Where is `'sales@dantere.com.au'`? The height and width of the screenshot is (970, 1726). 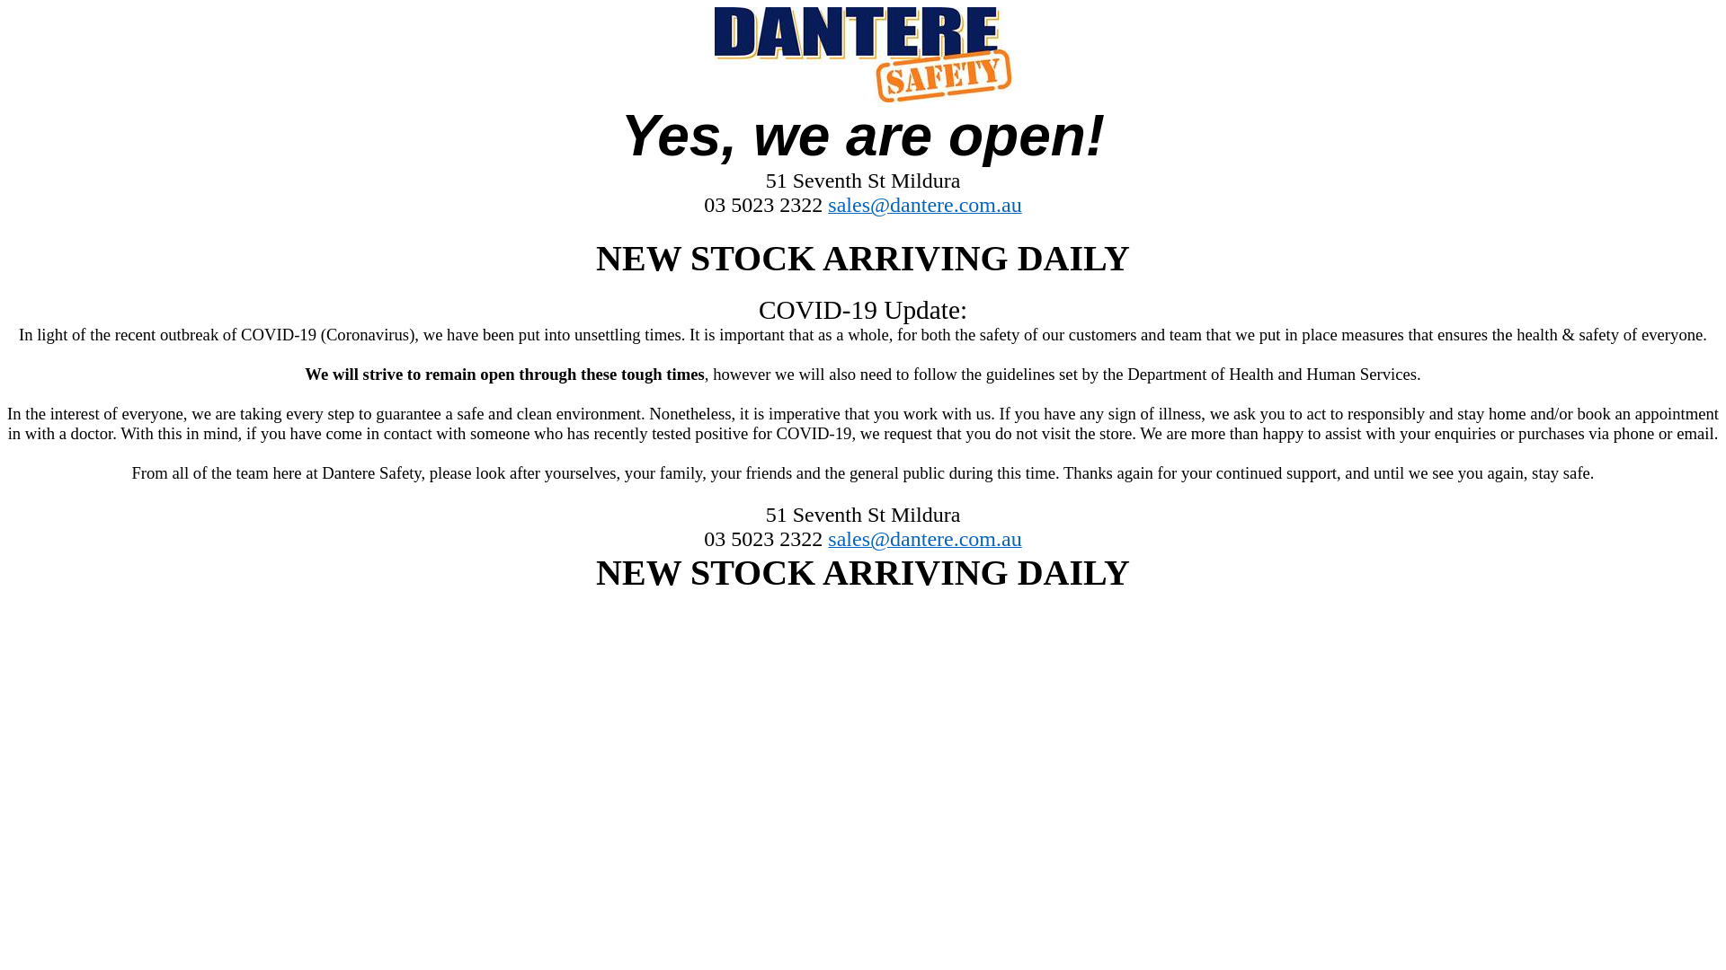
'sales@dantere.com.au' is located at coordinates (924, 206).